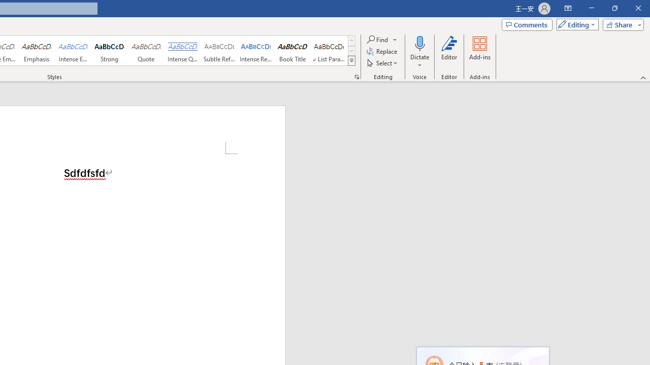 The width and height of the screenshot is (650, 365). I want to click on 'Subtle Reference', so click(219, 51).